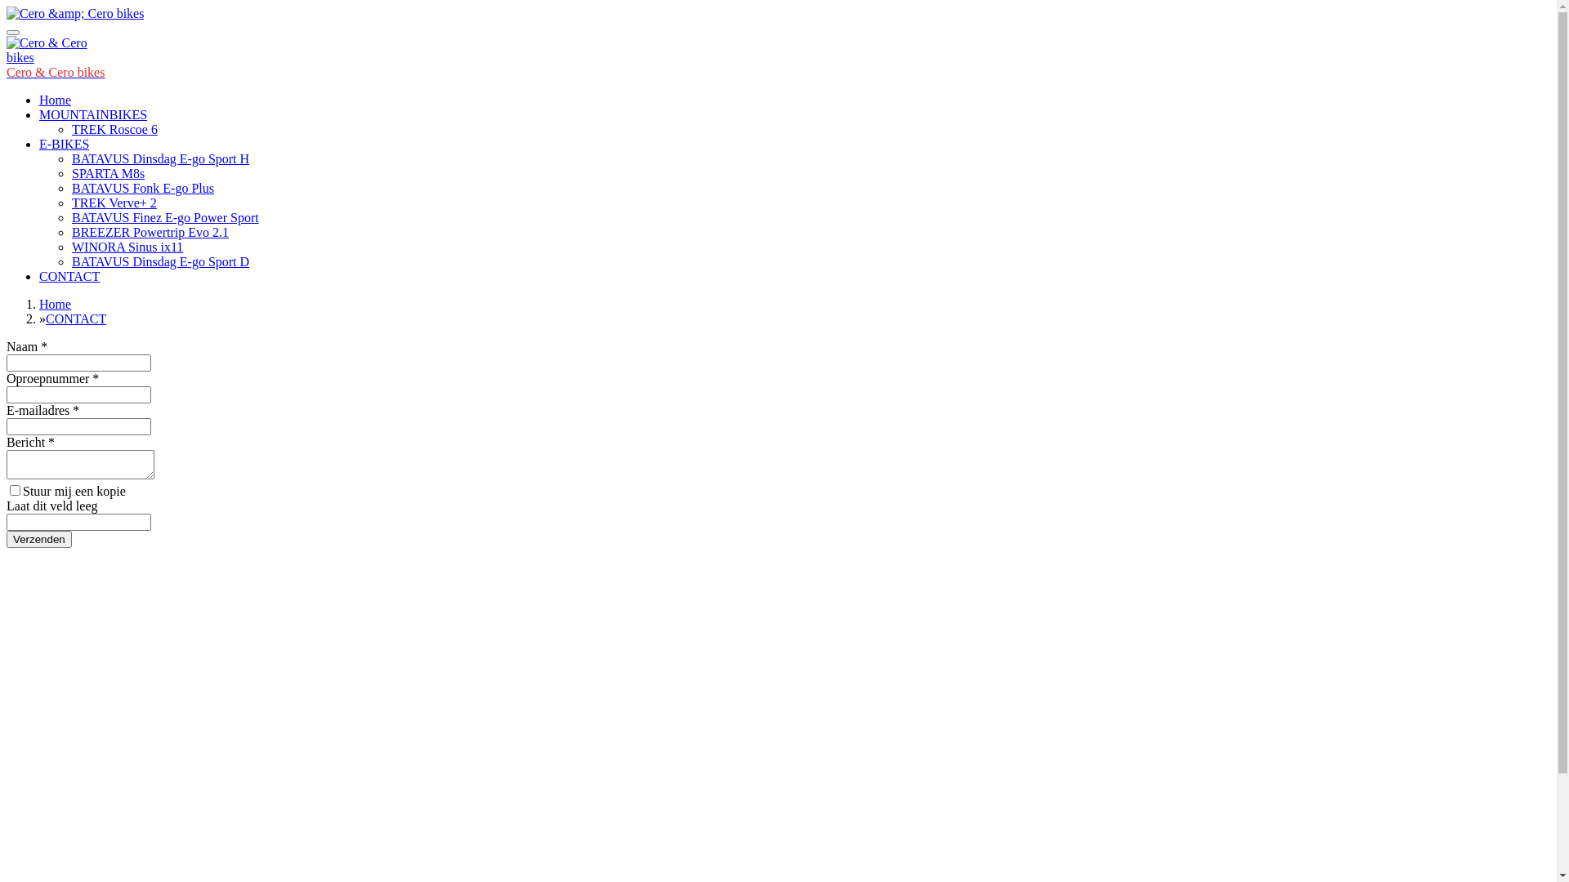 This screenshot has width=1569, height=882. I want to click on 'WINORA Sinus ix11', so click(127, 247).